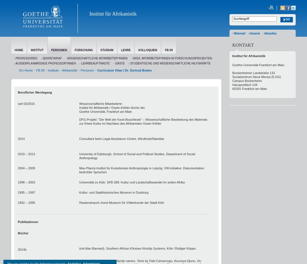 The width and height of the screenshot is (307, 264). I want to click on 'Institute', so click(48, 70).